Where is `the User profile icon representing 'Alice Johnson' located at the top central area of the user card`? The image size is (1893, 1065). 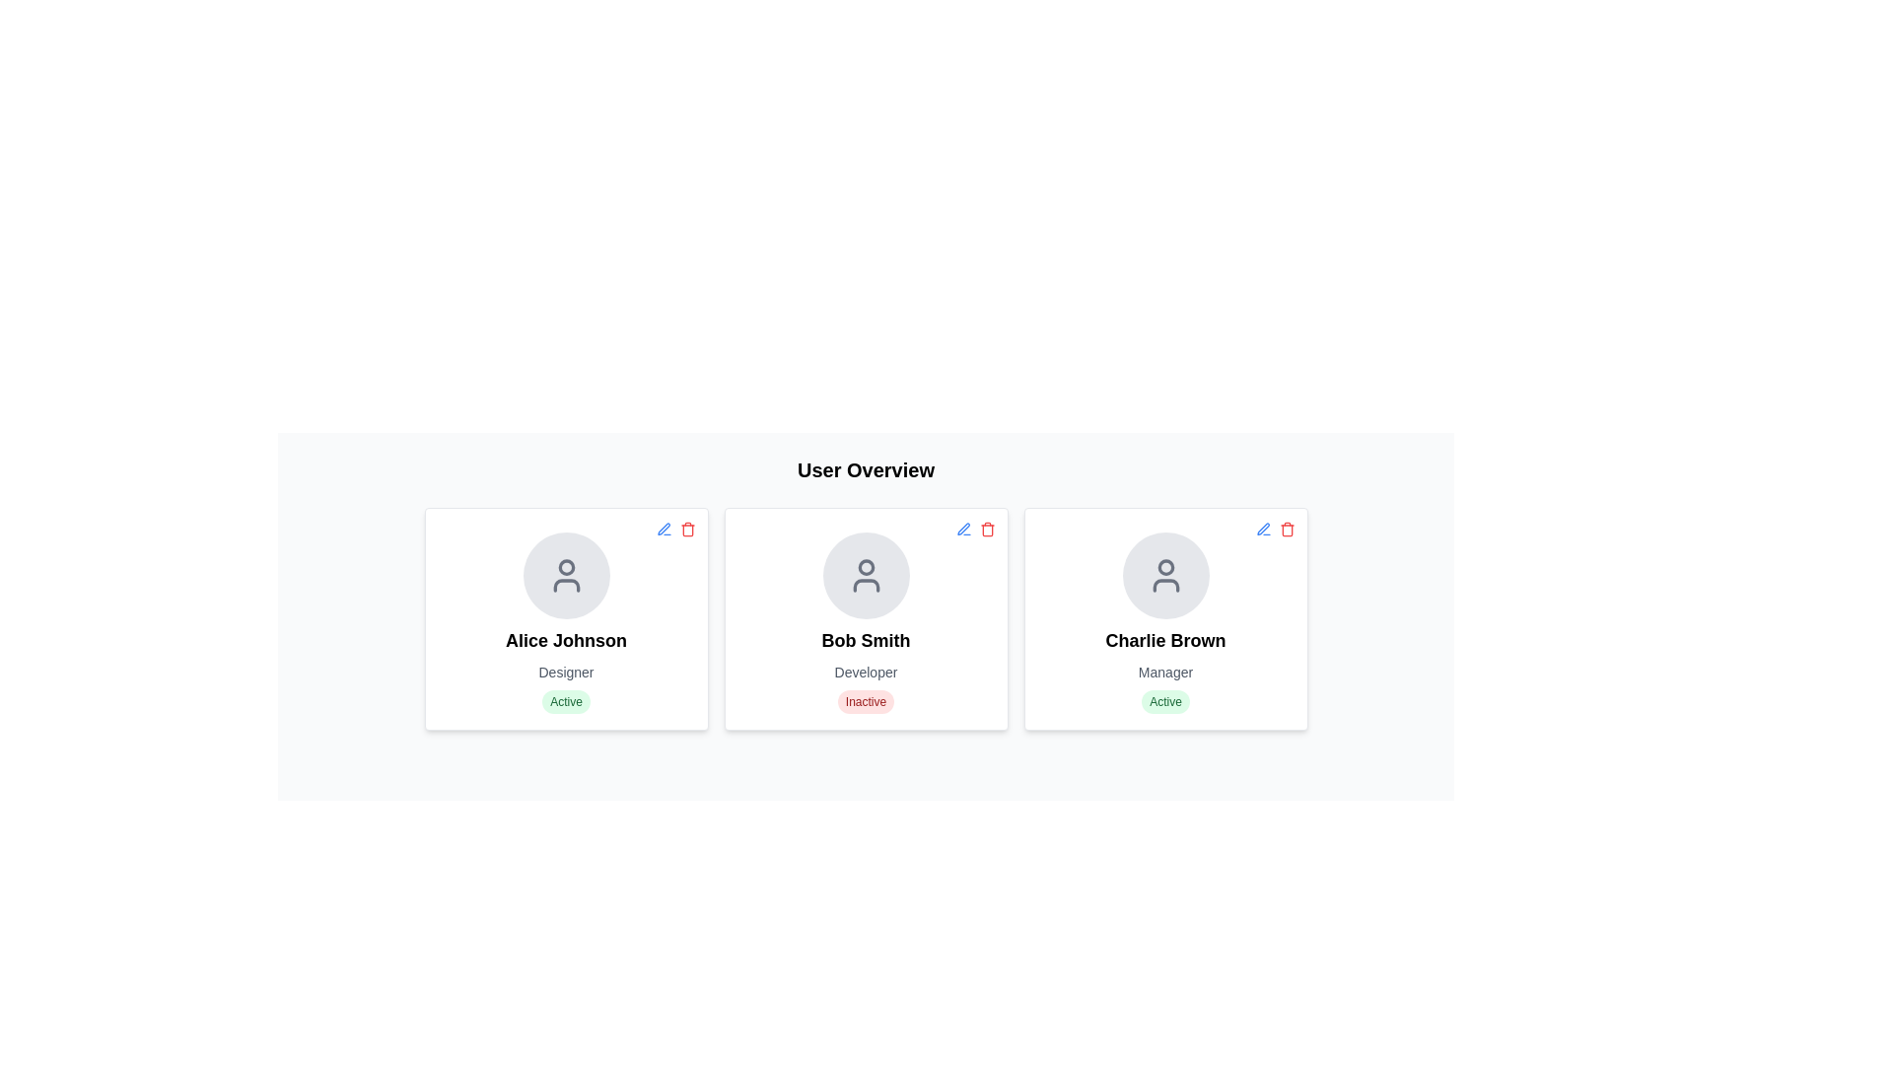
the User profile icon representing 'Alice Johnson' located at the top central area of the user card is located at coordinates (565, 575).